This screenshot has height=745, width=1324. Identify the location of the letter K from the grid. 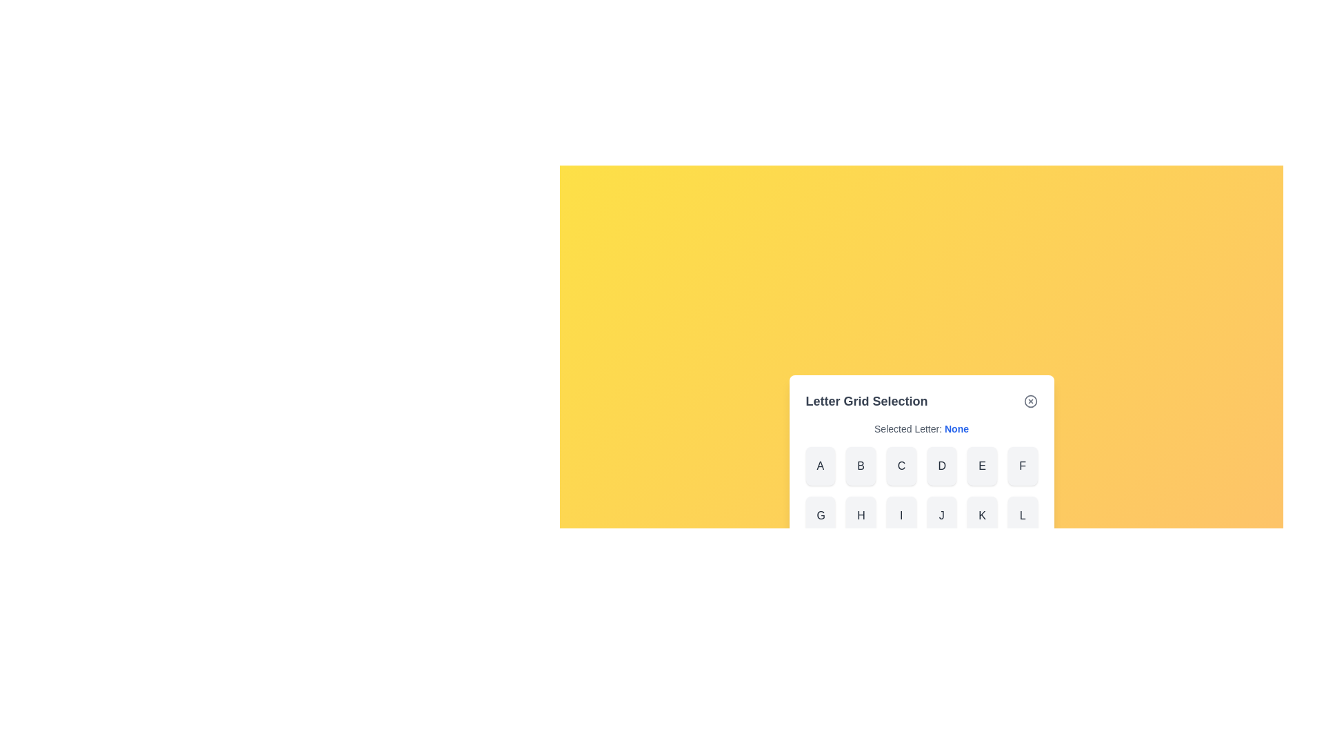
(981, 516).